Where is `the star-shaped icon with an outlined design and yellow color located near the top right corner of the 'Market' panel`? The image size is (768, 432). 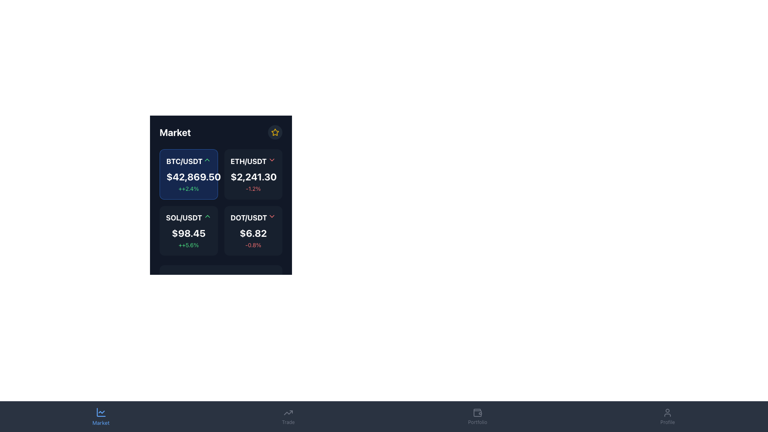 the star-shaped icon with an outlined design and yellow color located near the top right corner of the 'Market' panel is located at coordinates (275, 132).